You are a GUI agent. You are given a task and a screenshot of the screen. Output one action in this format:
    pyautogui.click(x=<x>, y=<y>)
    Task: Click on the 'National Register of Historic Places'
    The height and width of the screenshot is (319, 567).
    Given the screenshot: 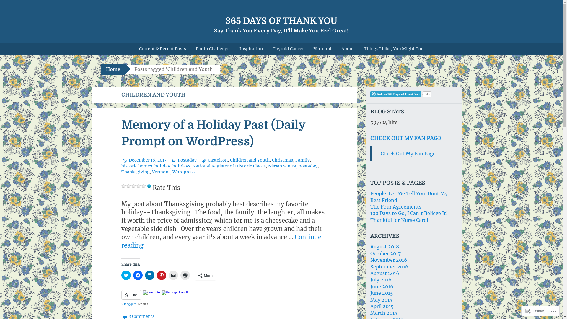 What is the action you would take?
    pyautogui.click(x=193, y=166)
    